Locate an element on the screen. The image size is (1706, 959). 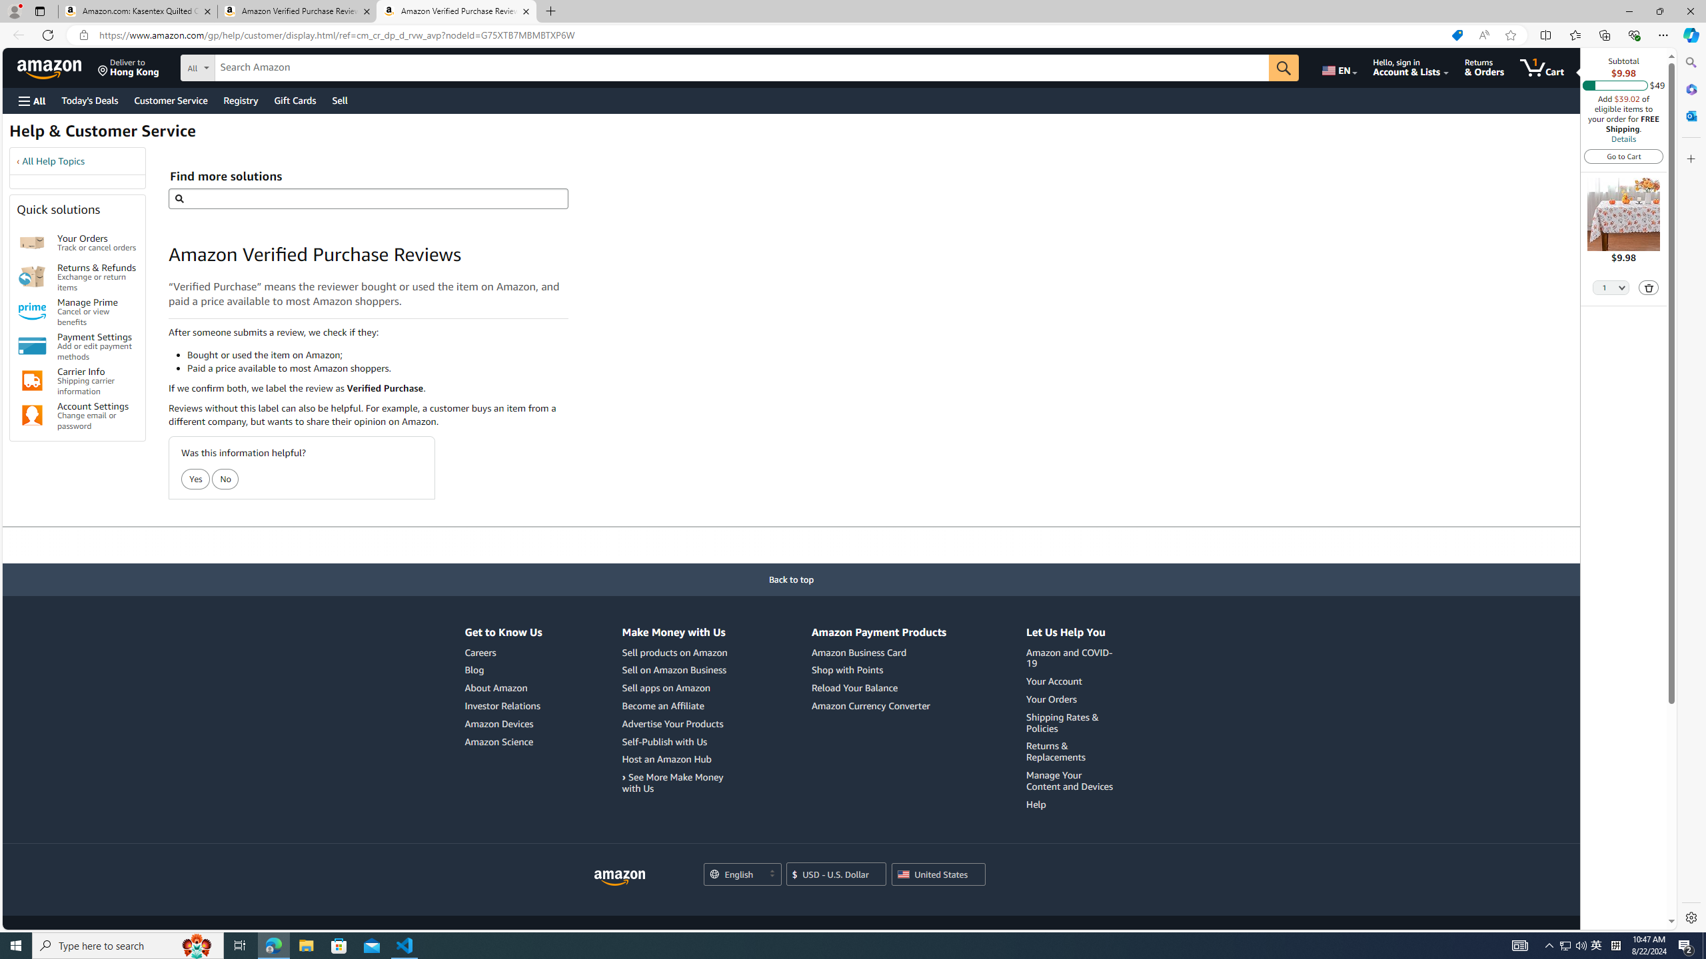
'Payment Settings Add or edit payment methods' is located at coordinates (96, 345).